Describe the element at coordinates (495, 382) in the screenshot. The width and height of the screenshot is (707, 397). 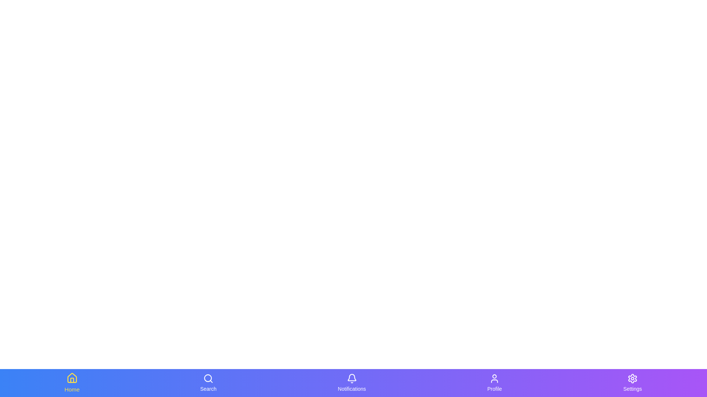
I see `the Profile navigation tab` at that location.